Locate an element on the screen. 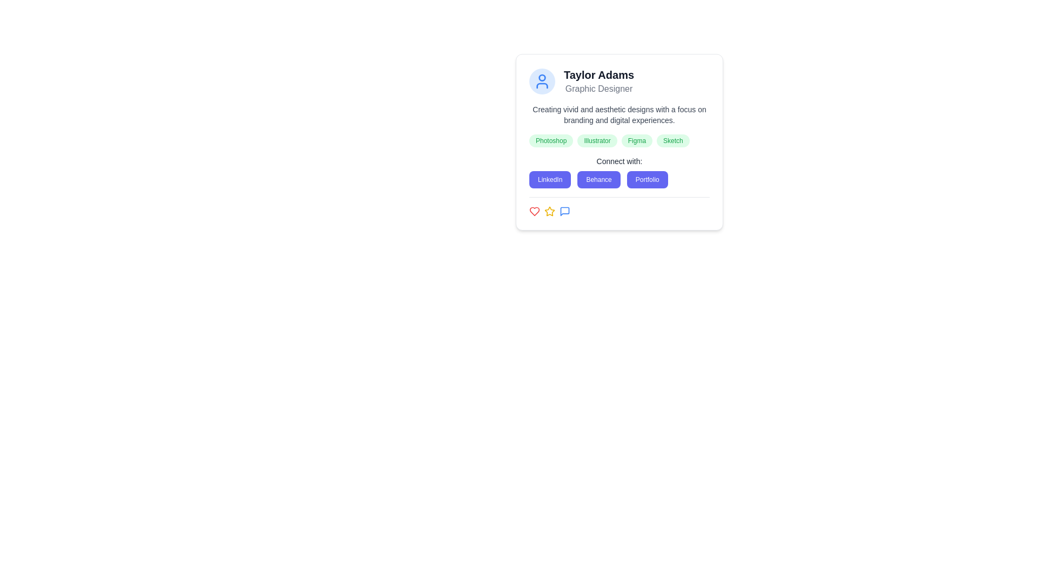 The image size is (1037, 583). the 'LinkedIn' button, which is the first button in a row of three, to observe its hover effect is located at coordinates (550, 179).